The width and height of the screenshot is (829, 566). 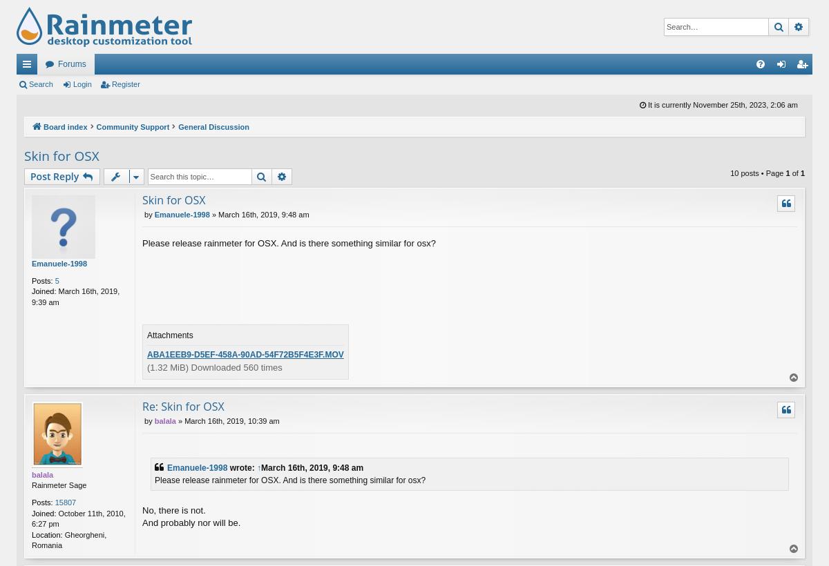 What do you see at coordinates (65, 501) in the screenshot?
I see `'15807'` at bounding box center [65, 501].